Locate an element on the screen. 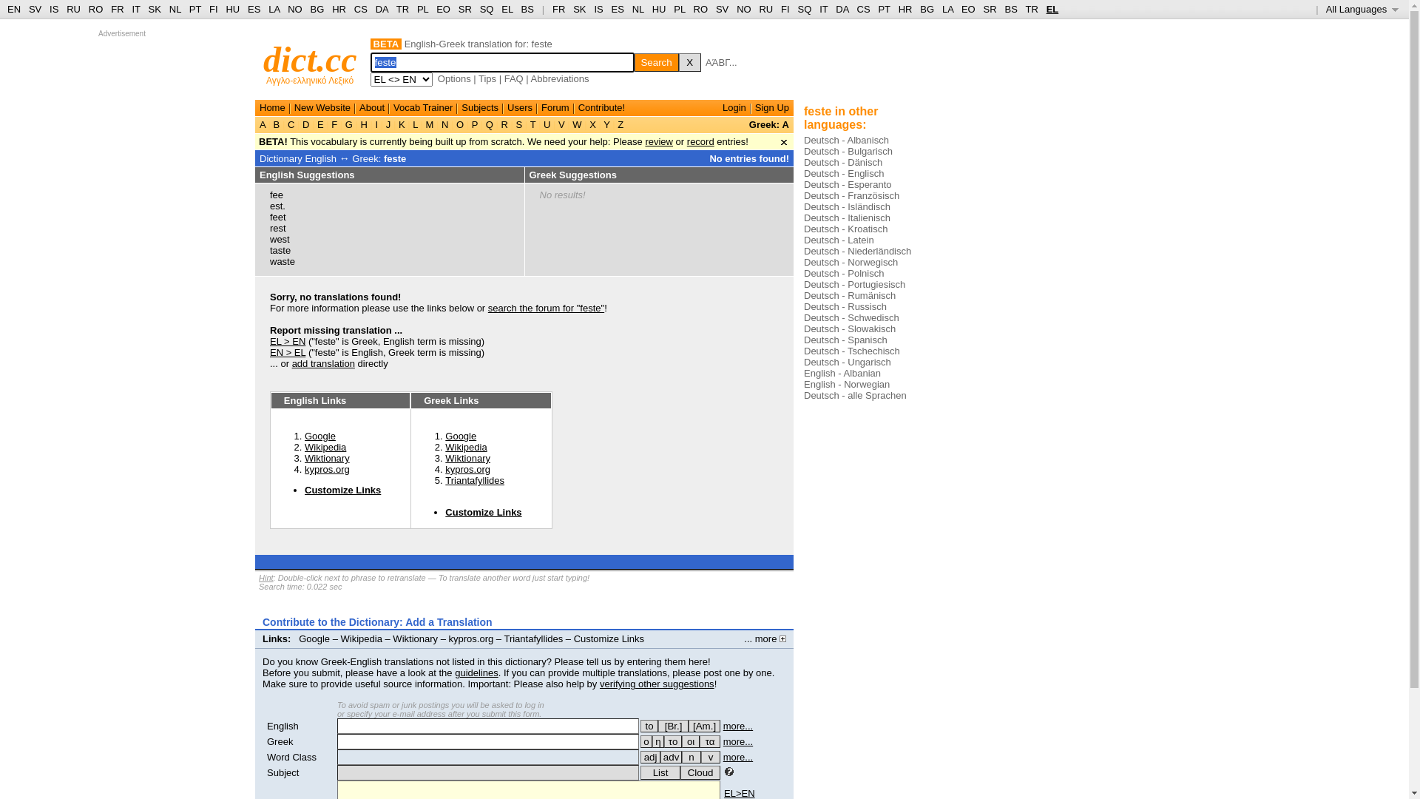  'BG' is located at coordinates (317, 9).